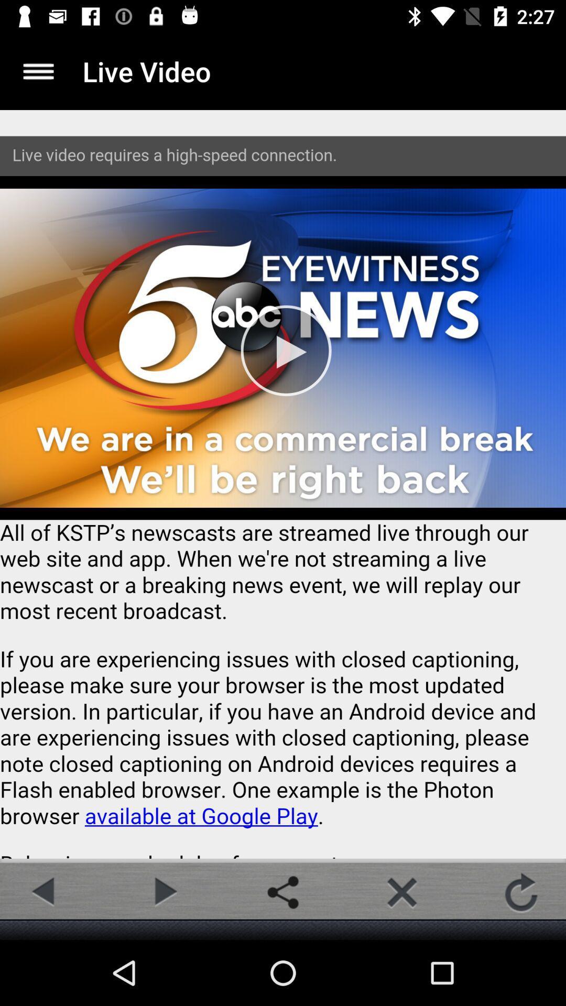  What do you see at coordinates (44, 892) in the screenshot?
I see `go previous` at bounding box center [44, 892].